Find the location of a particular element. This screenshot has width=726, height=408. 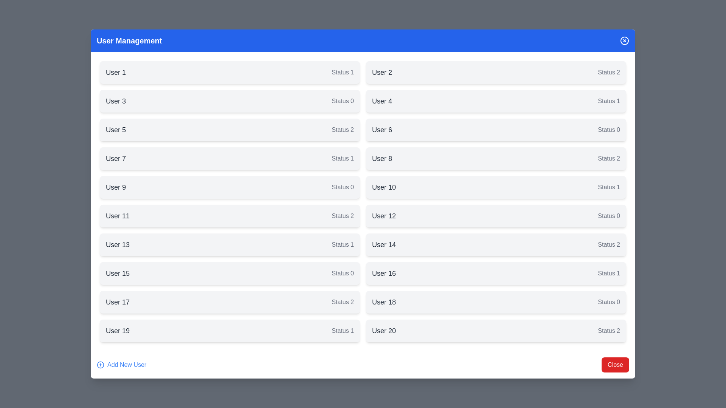

the 'Add New User' button to initiate the process of adding a new user is located at coordinates (121, 364).